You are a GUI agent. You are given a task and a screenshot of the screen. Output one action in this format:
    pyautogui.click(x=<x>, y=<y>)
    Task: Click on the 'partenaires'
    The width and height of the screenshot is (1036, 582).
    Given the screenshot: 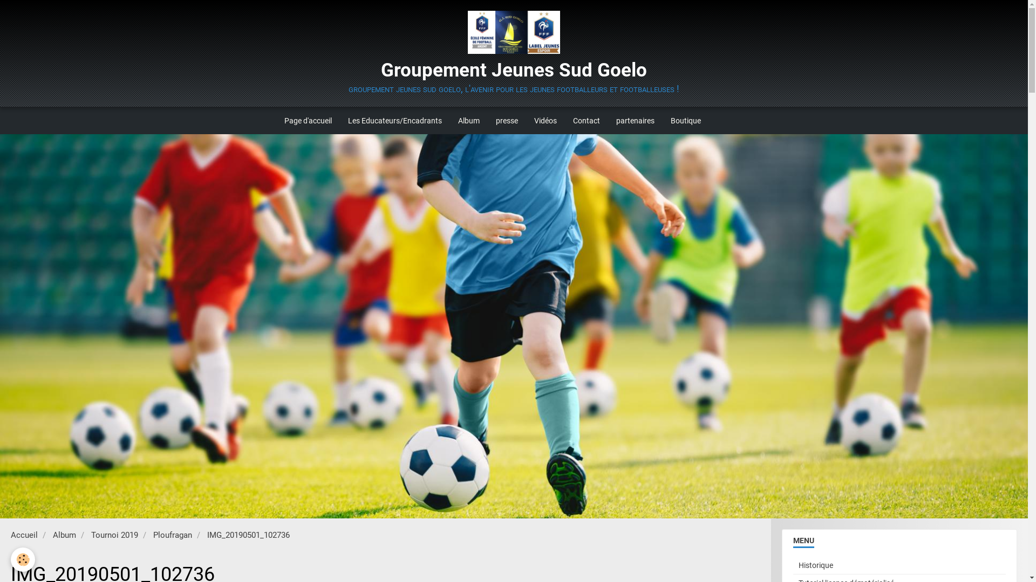 What is the action you would take?
    pyautogui.click(x=635, y=120)
    